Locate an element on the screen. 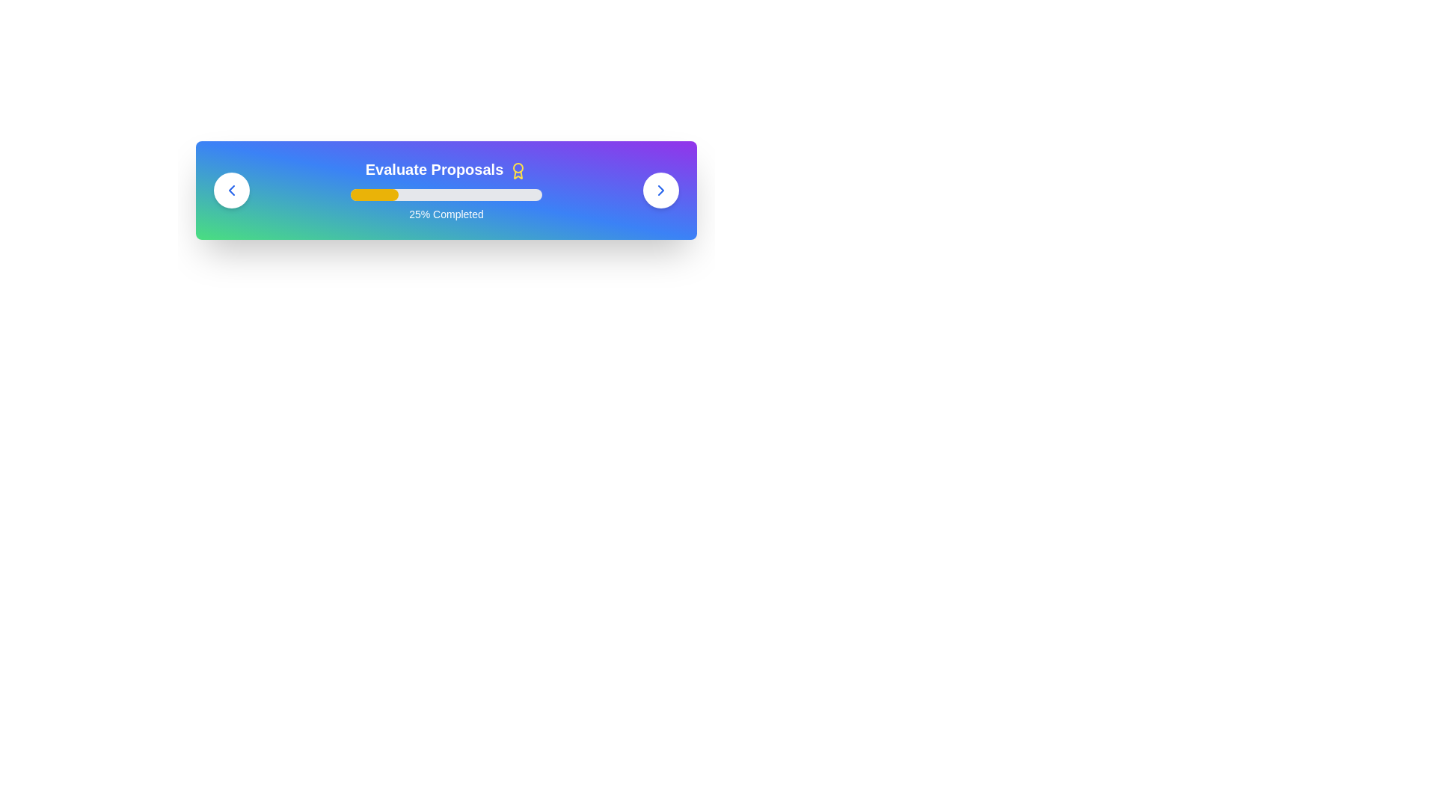  the Progress Bar located directly below the 'Evaluate Proposals' text and above '25% Completed' is located at coordinates (445, 194).